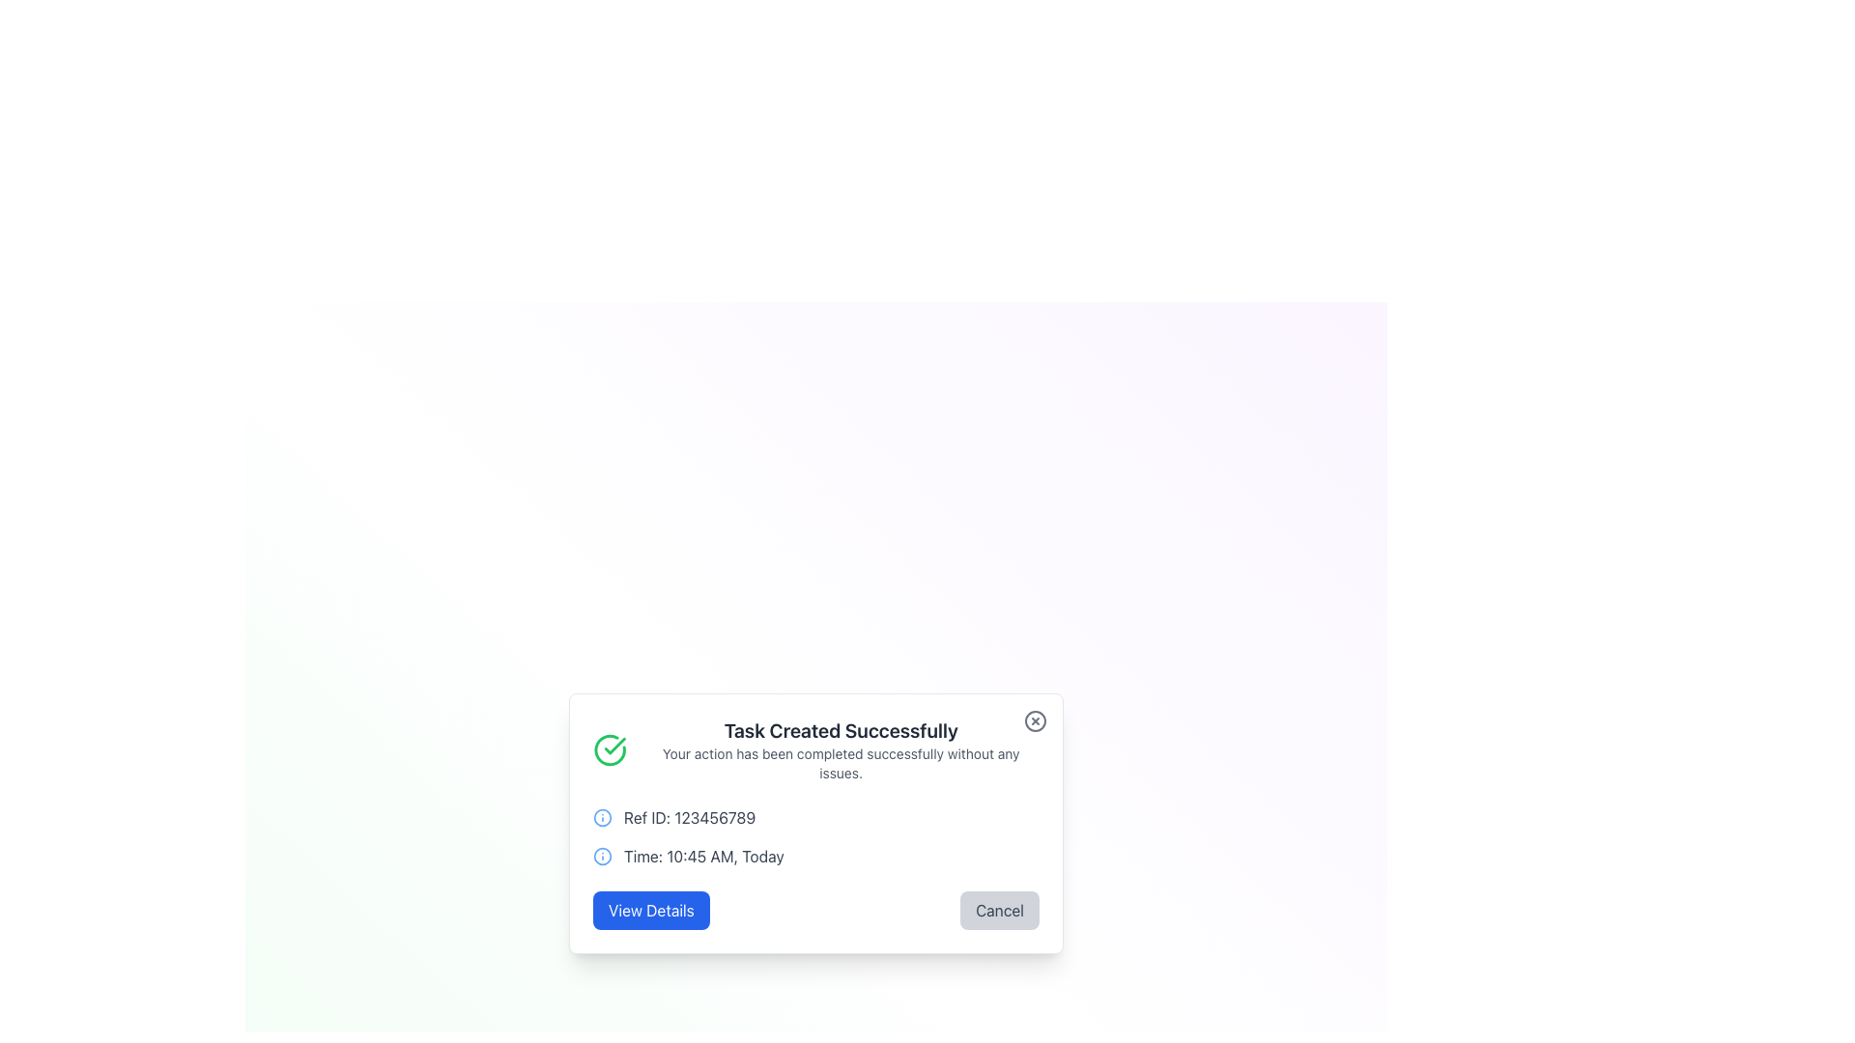 The width and height of the screenshot is (1855, 1043). What do you see at coordinates (1034, 721) in the screenshot?
I see `the close button located in the top right corner of the modal window to change its color` at bounding box center [1034, 721].